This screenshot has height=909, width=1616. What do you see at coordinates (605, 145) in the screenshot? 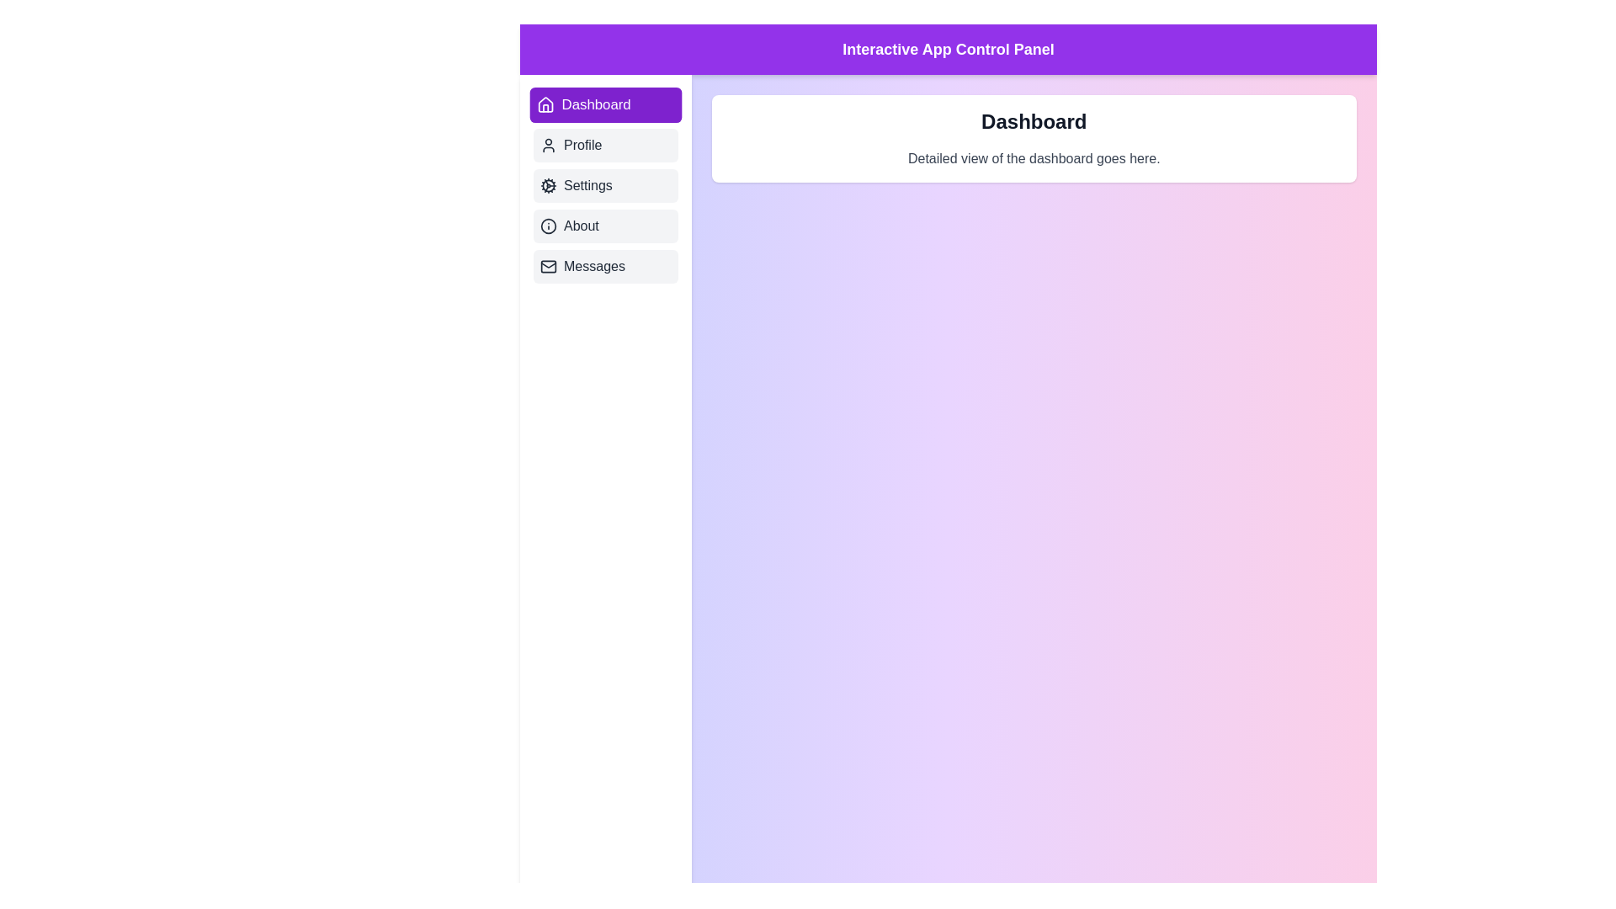
I see `the tab labeled Profile to display its content` at bounding box center [605, 145].